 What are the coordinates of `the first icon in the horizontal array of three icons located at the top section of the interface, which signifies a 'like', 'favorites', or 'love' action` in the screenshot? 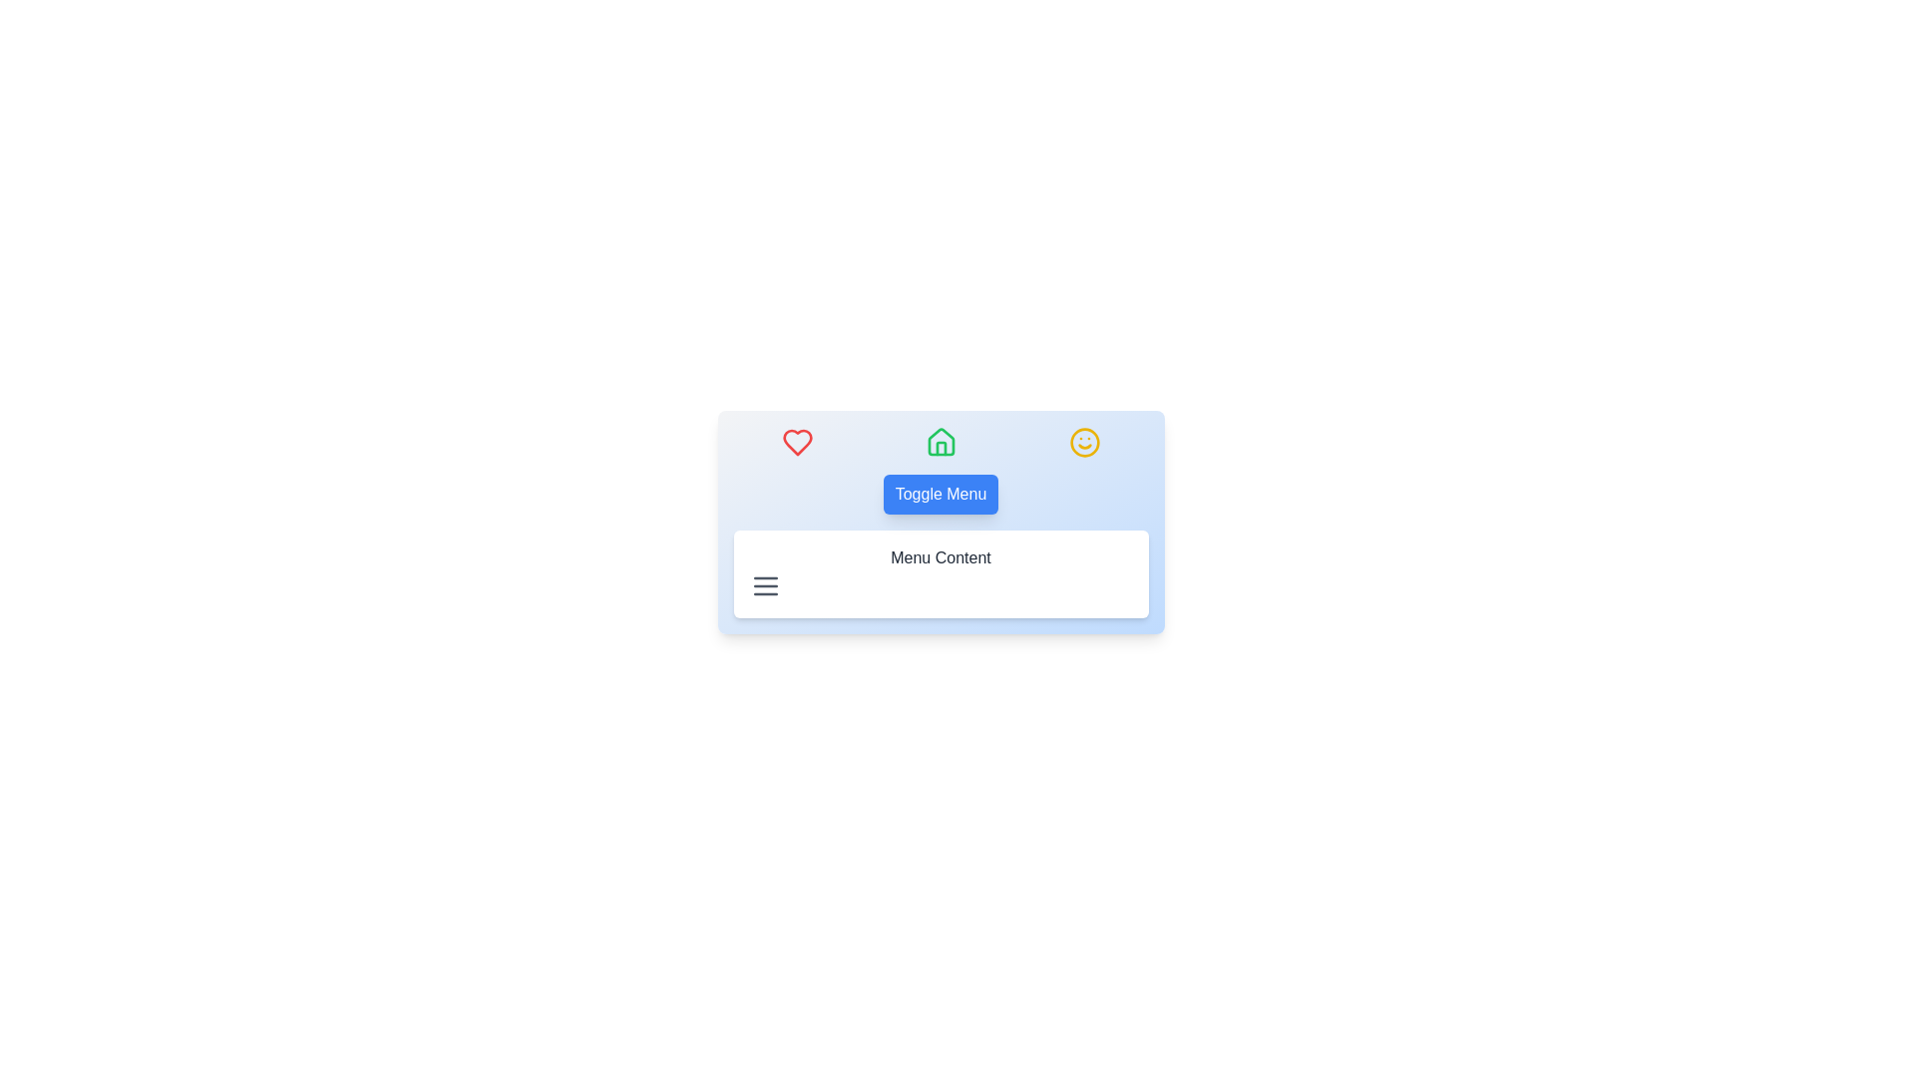 It's located at (796, 441).